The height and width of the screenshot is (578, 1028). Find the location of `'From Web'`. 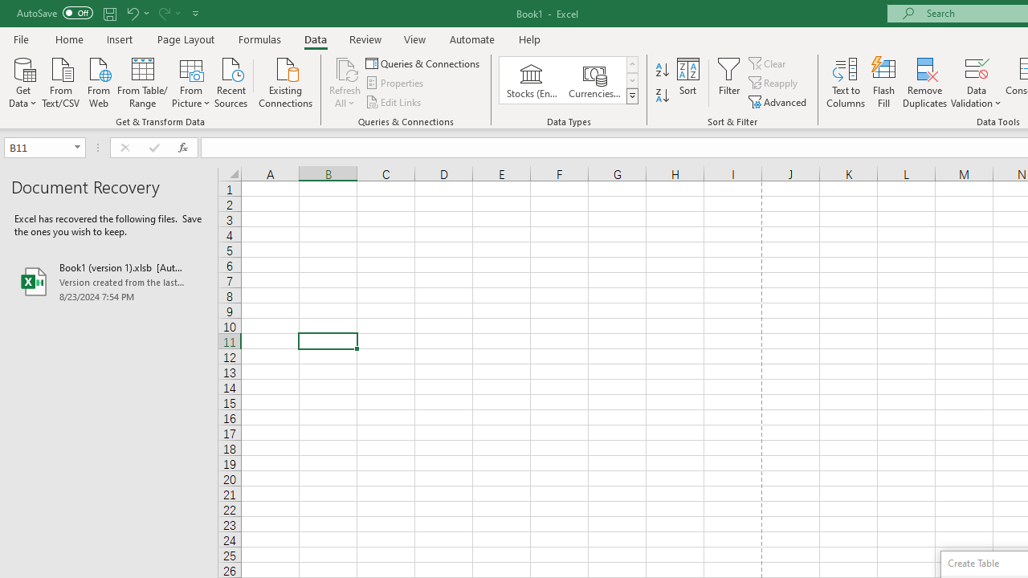

'From Web' is located at coordinates (97, 81).